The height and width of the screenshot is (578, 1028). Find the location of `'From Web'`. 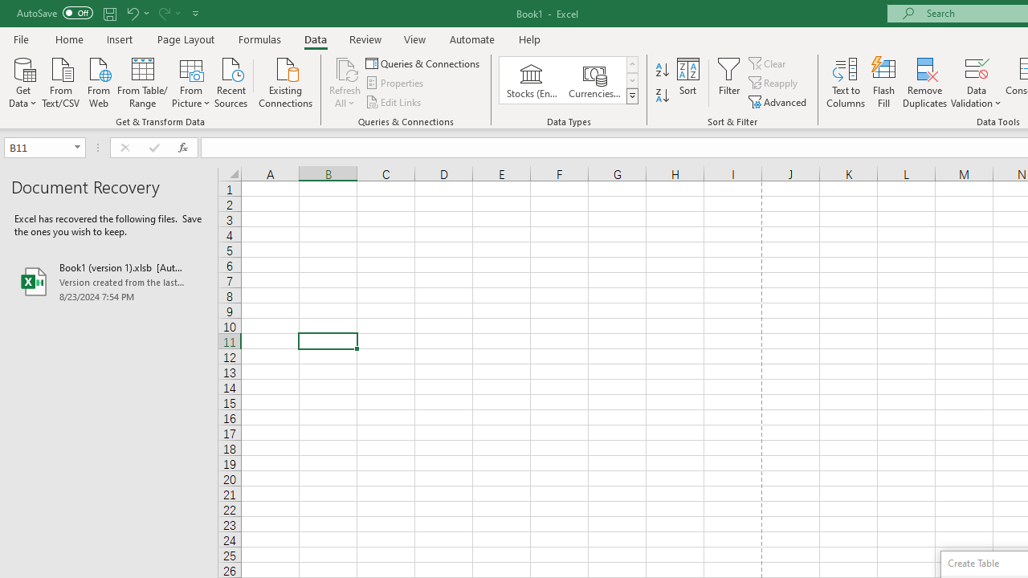

'From Web' is located at coordinates (97, 81).